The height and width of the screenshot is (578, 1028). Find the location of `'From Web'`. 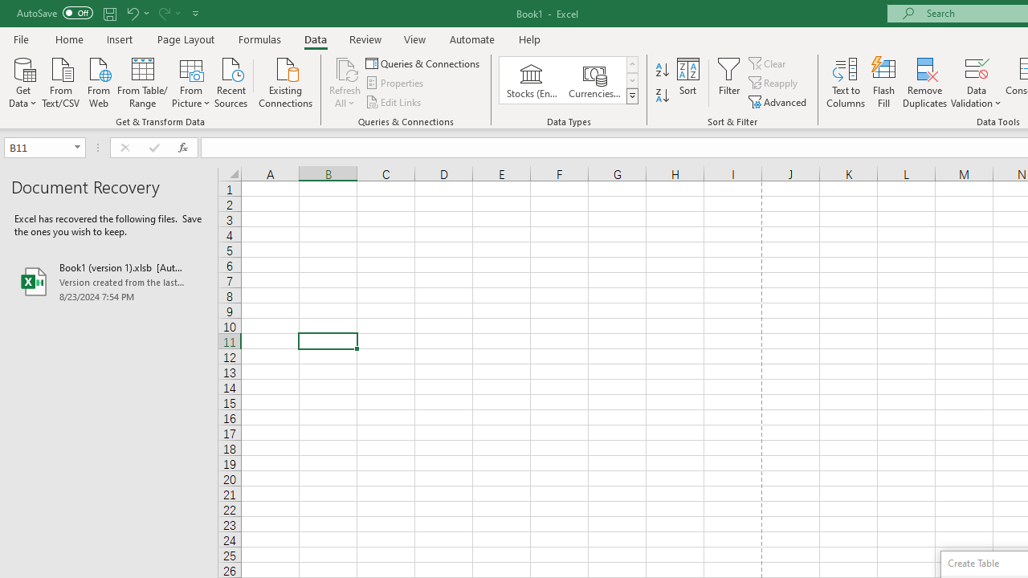

'From Web' is located at coordinates (97, 81).